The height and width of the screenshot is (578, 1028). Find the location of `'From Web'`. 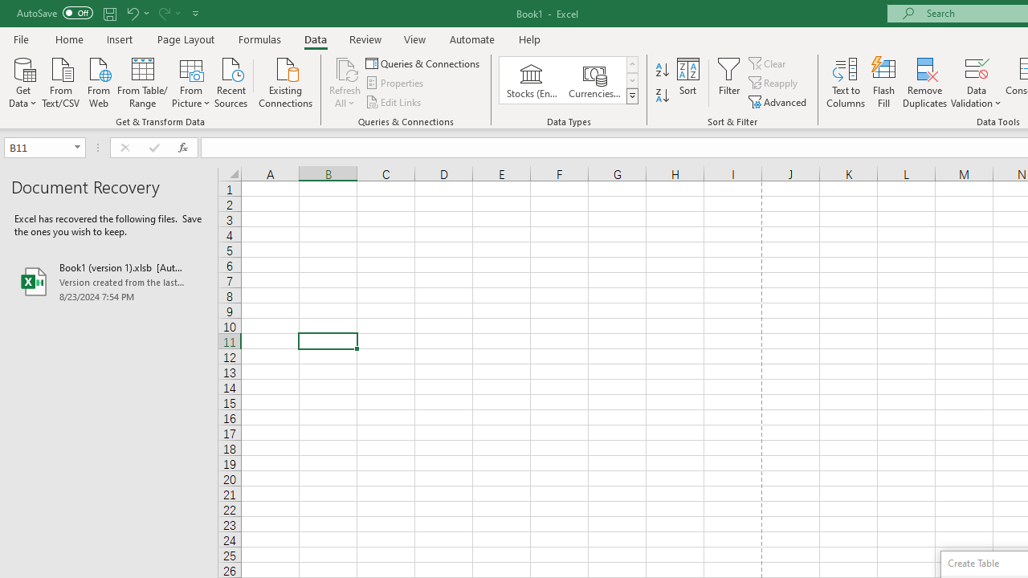

'From Web' is located at coordinates (97, 81).